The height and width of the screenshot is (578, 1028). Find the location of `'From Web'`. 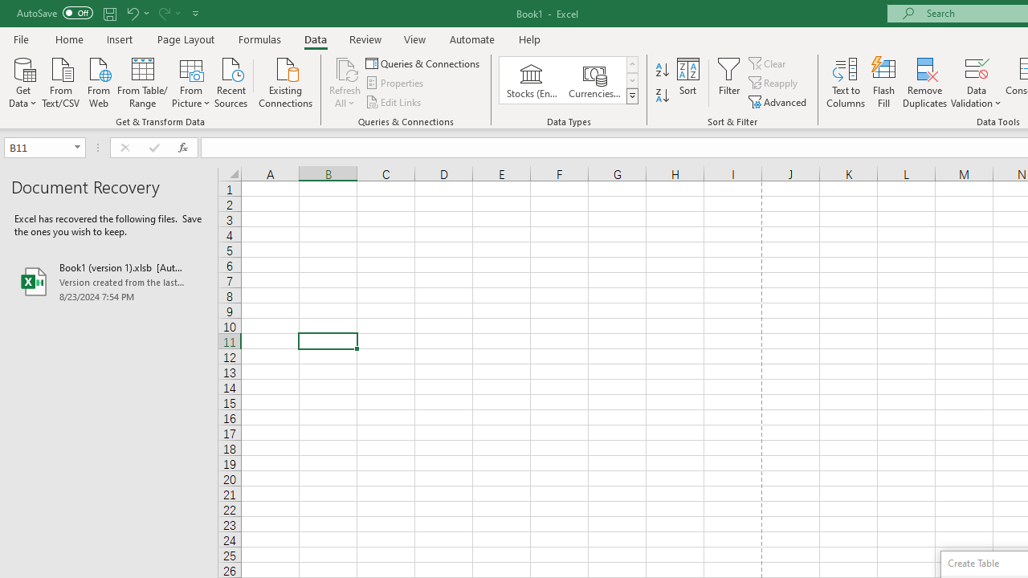

'From Web' is located at coordinates (97, 81).